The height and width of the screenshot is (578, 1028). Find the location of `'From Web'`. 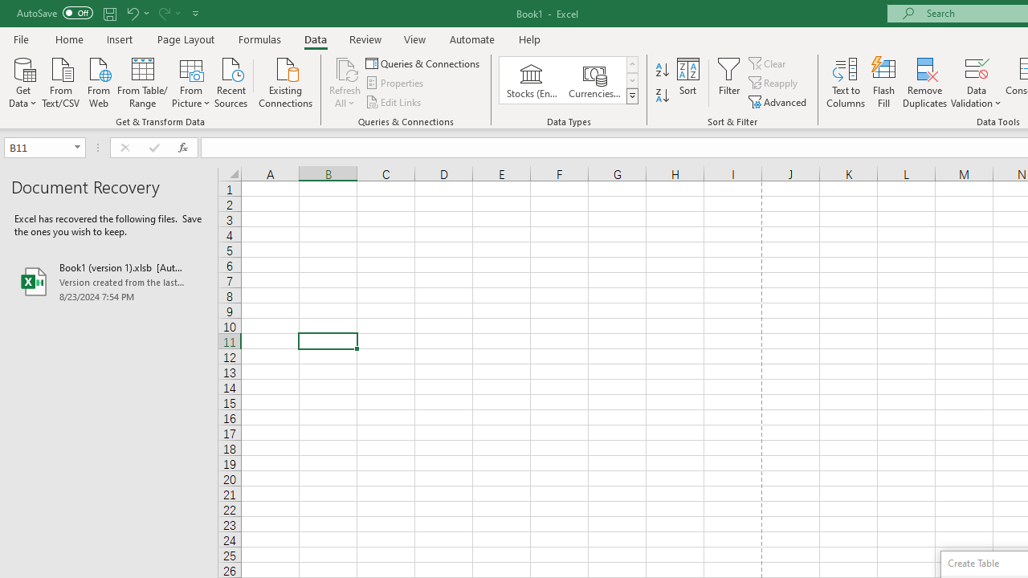

'From Web' is located at coordinates (97, 81).